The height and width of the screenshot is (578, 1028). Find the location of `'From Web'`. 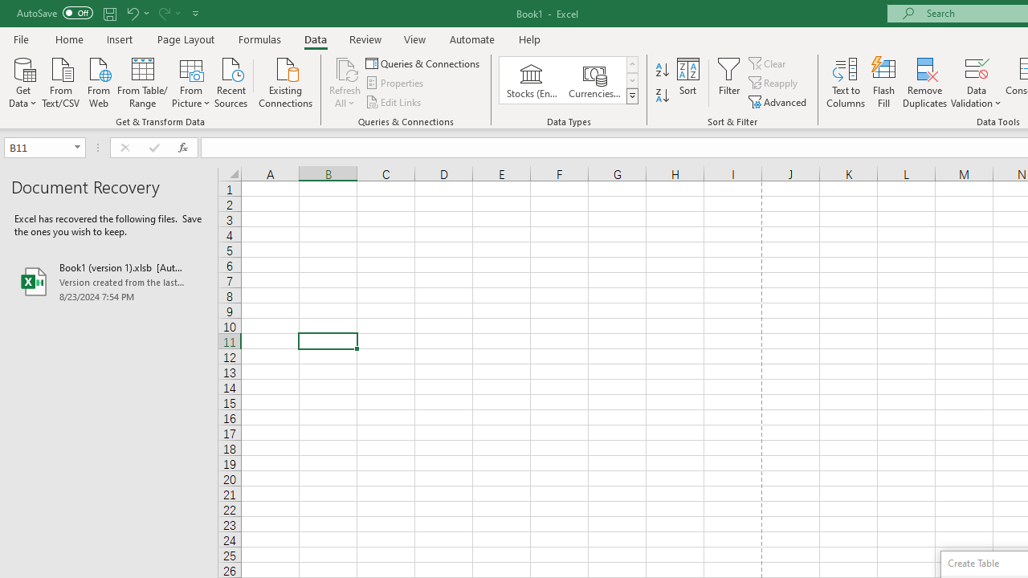

'From Web' is located at coordinates (97, 81).